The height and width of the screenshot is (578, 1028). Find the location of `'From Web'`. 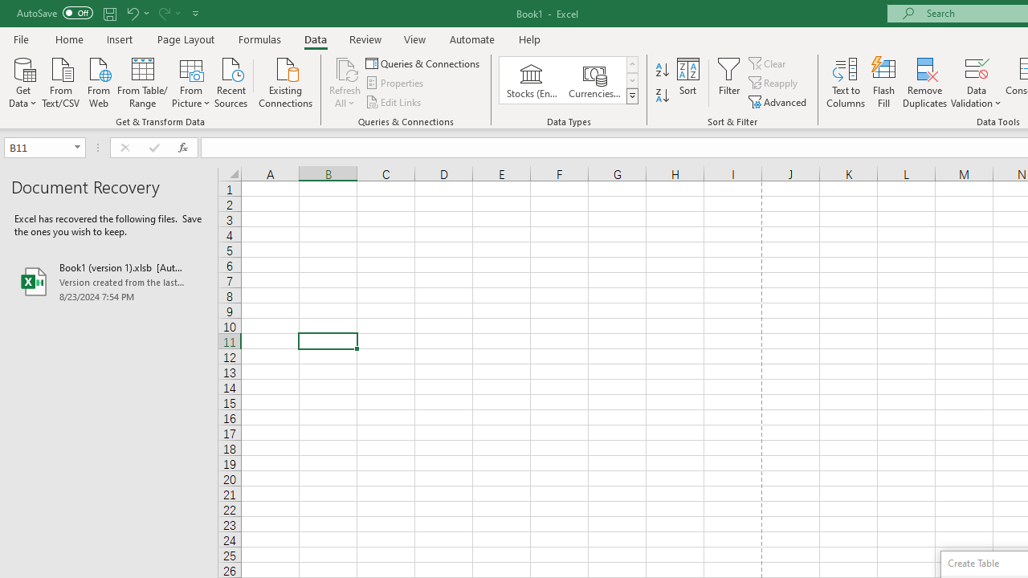

'From Web' is located at coordinates (97, 81).